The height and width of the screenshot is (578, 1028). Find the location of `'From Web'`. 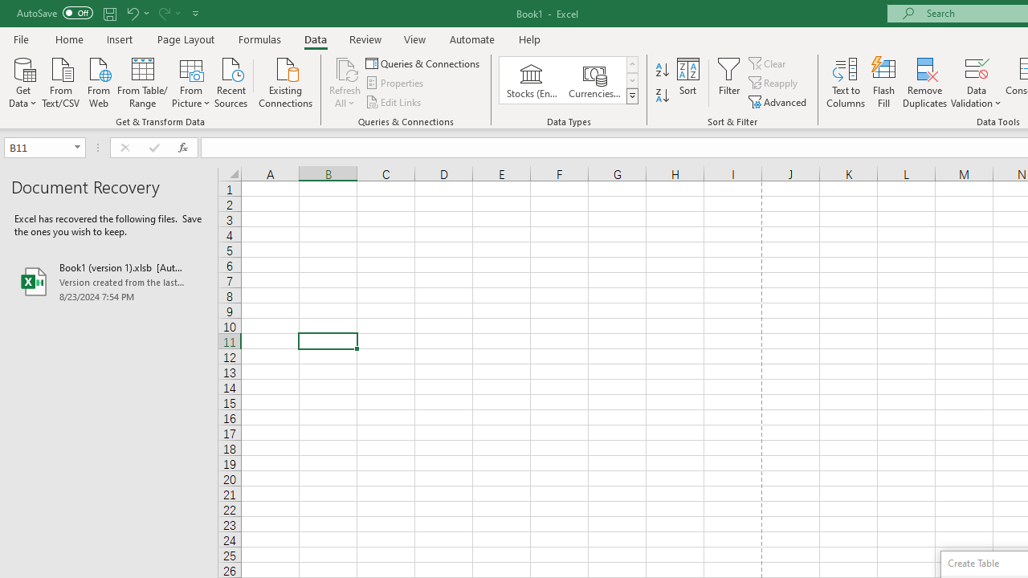

'From Web' is located at coordinates (97, 81).